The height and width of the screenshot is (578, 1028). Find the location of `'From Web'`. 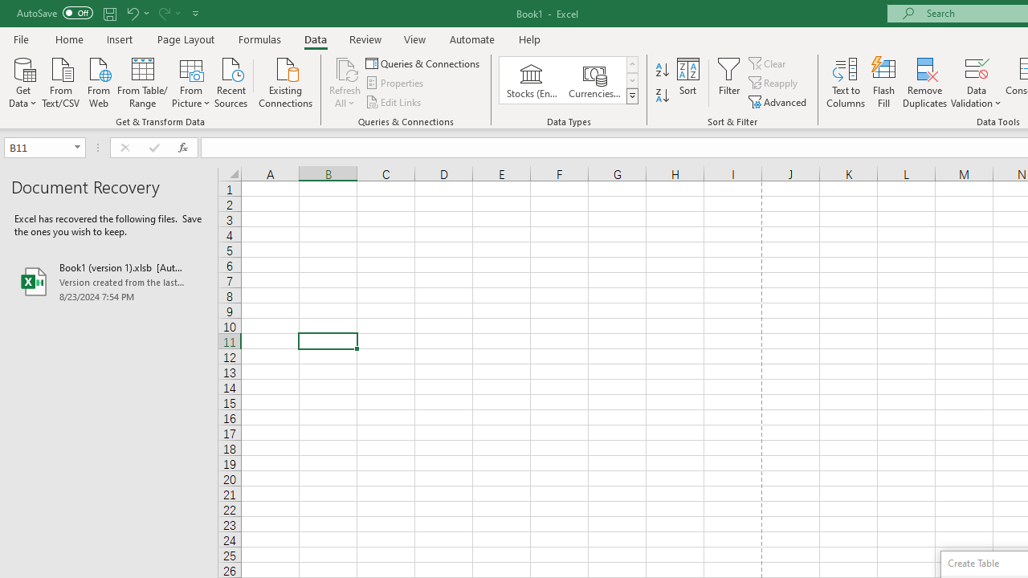

'From Web' is located at coordinates (97, 81).